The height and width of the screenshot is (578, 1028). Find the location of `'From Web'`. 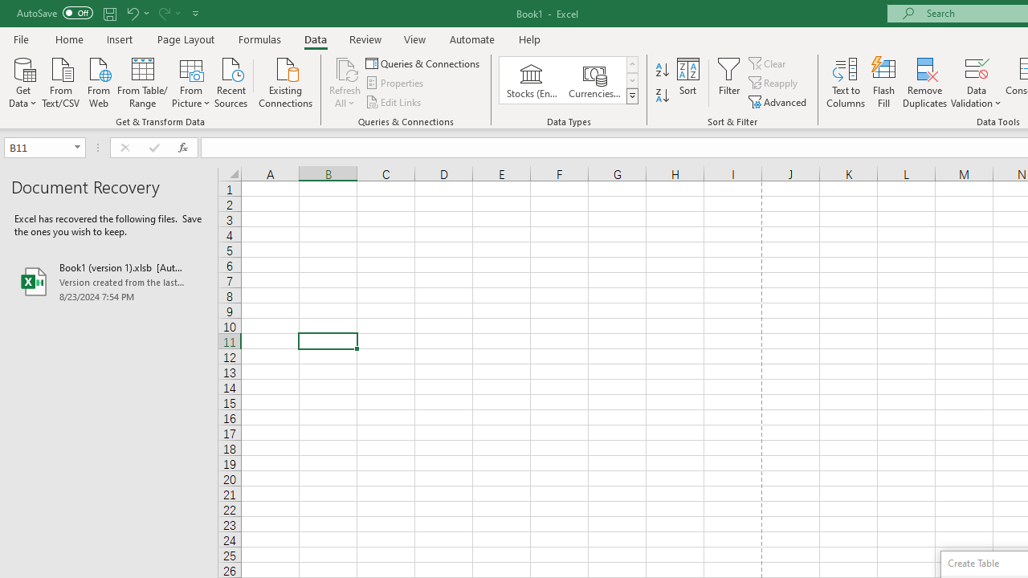

'From Web' is located at coordinates (97, 81).